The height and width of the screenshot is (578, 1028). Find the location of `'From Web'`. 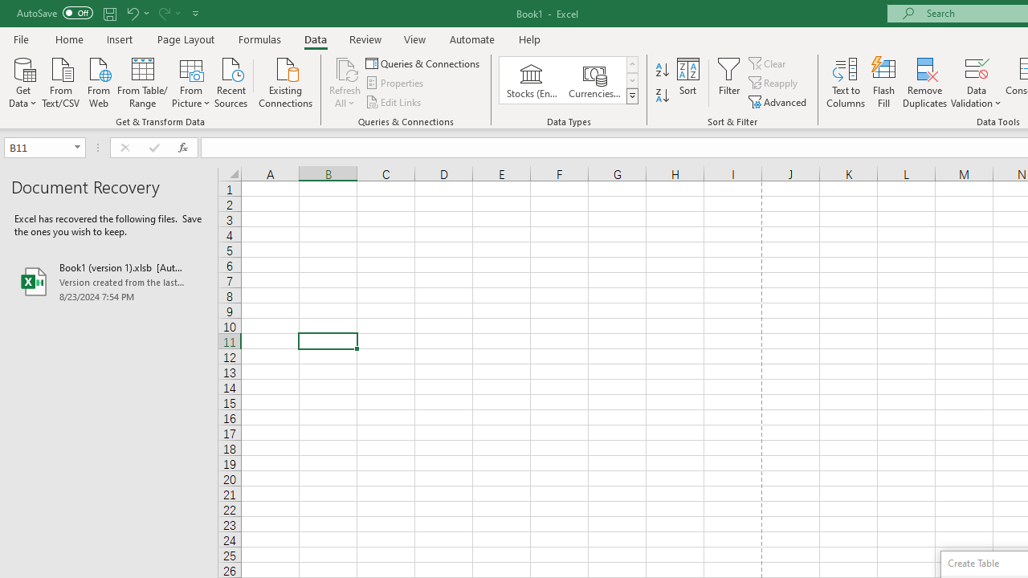

'From Web' is located at coordinates (97, 81).